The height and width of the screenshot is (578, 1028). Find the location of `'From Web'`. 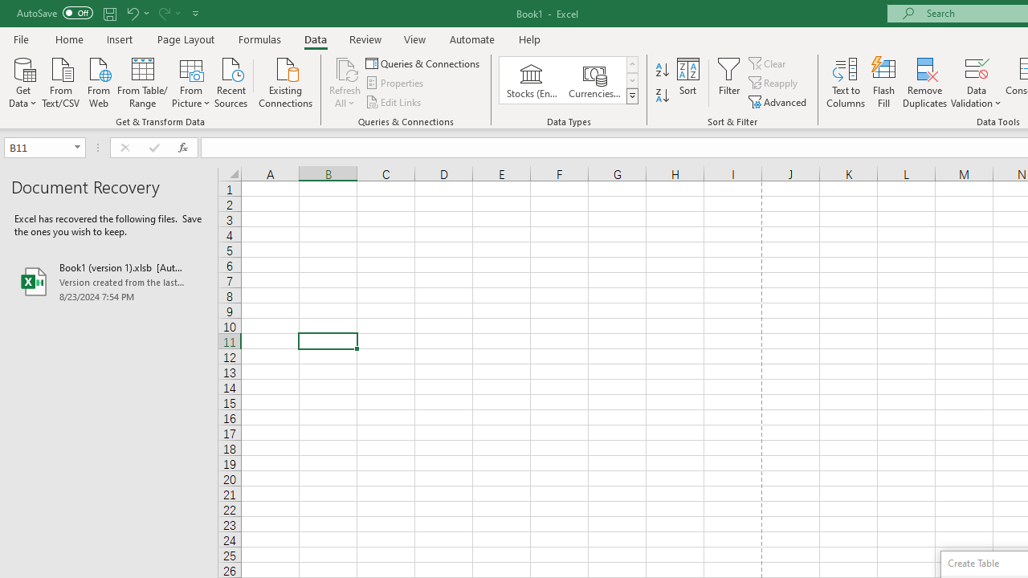

'From Web' is located at coordinates (97, 81).